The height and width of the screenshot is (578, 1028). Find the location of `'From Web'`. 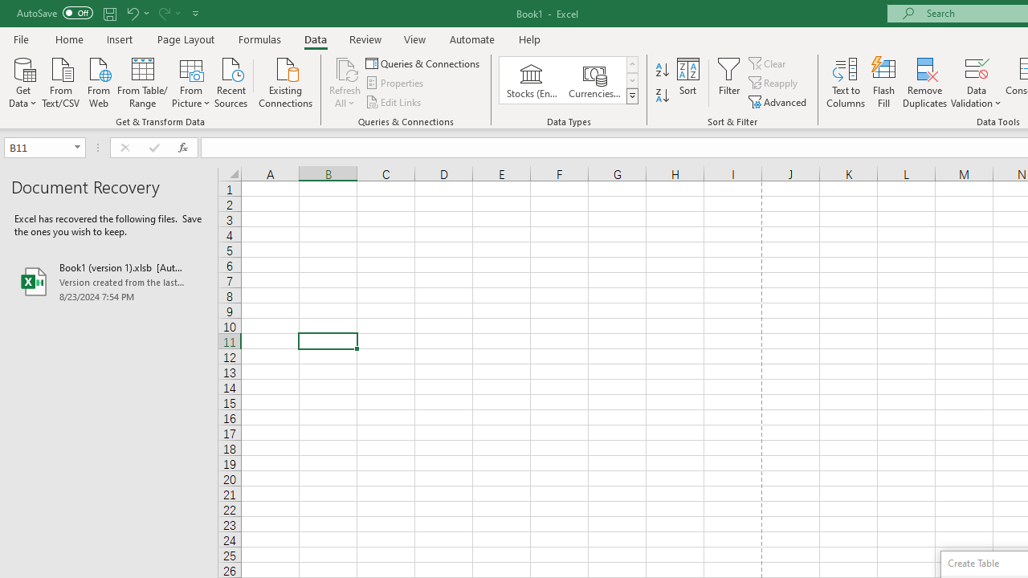

'From Web' is located at coordinates (97, 81).